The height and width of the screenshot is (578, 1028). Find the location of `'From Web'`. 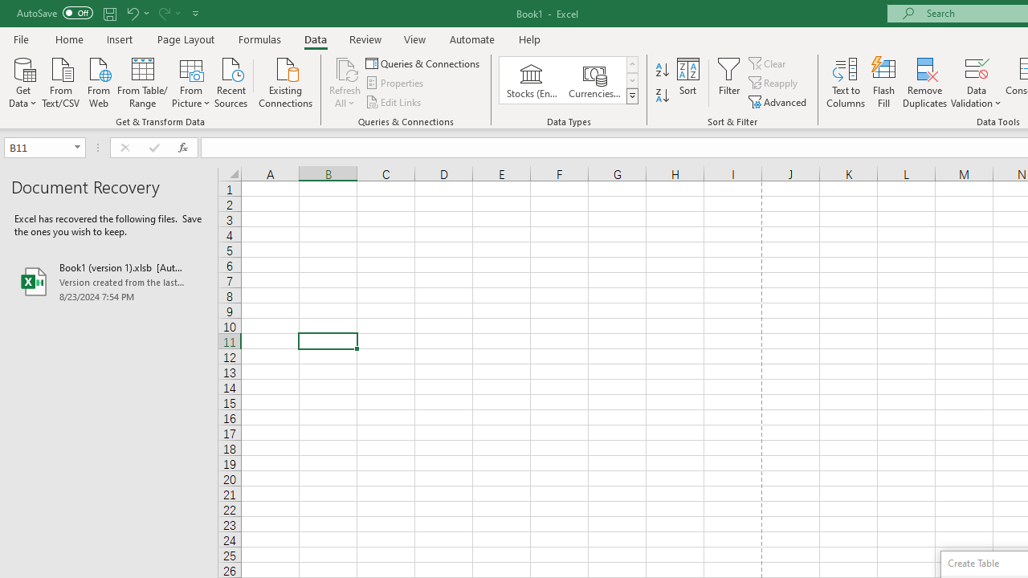

'From Web' is located at coordinates (97, 81).